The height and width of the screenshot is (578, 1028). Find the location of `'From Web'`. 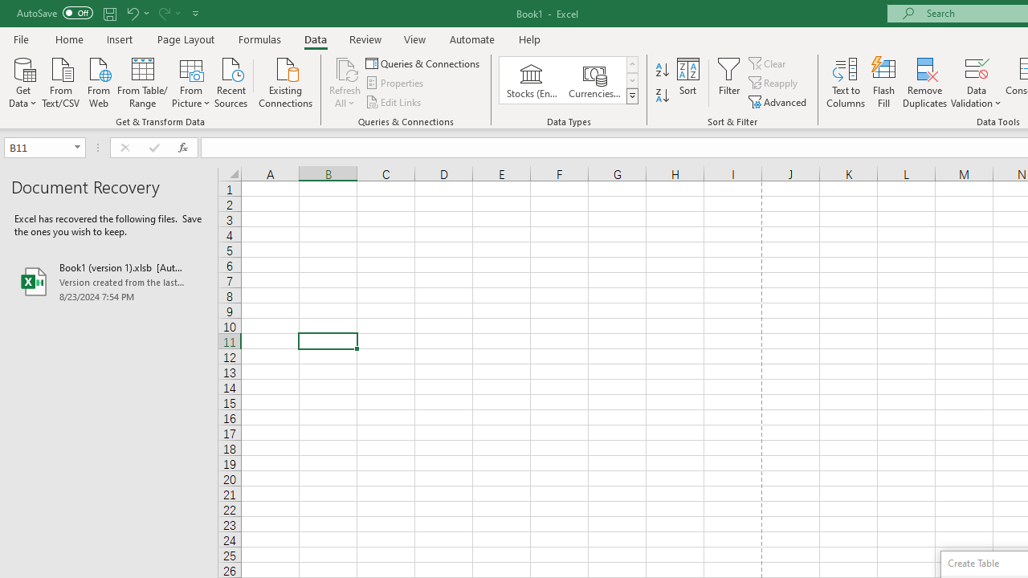

'From Web' is located at coordinates (97, 81).